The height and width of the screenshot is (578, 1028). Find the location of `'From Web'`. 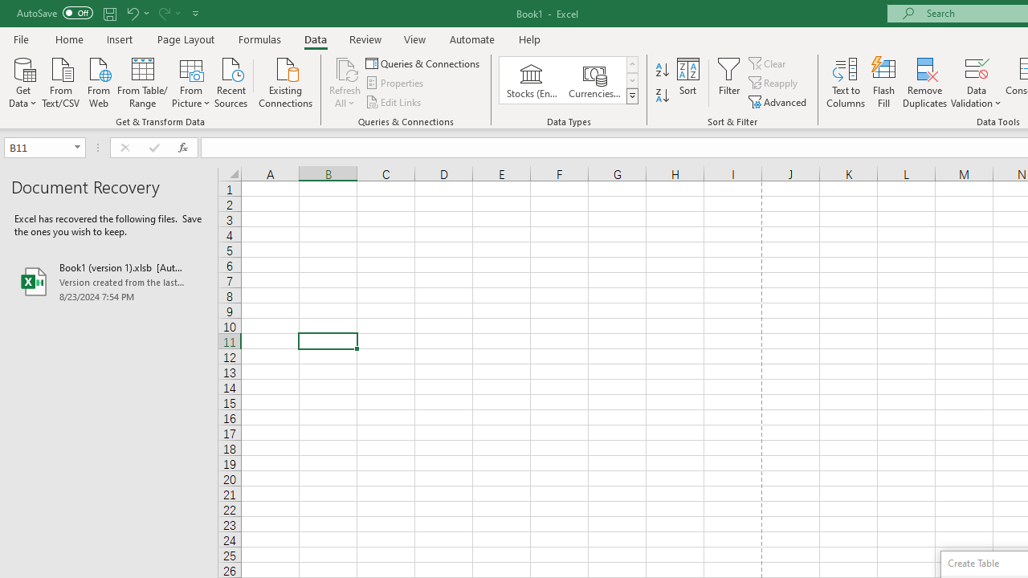

'From Web' is located at coordinates (97, 81).